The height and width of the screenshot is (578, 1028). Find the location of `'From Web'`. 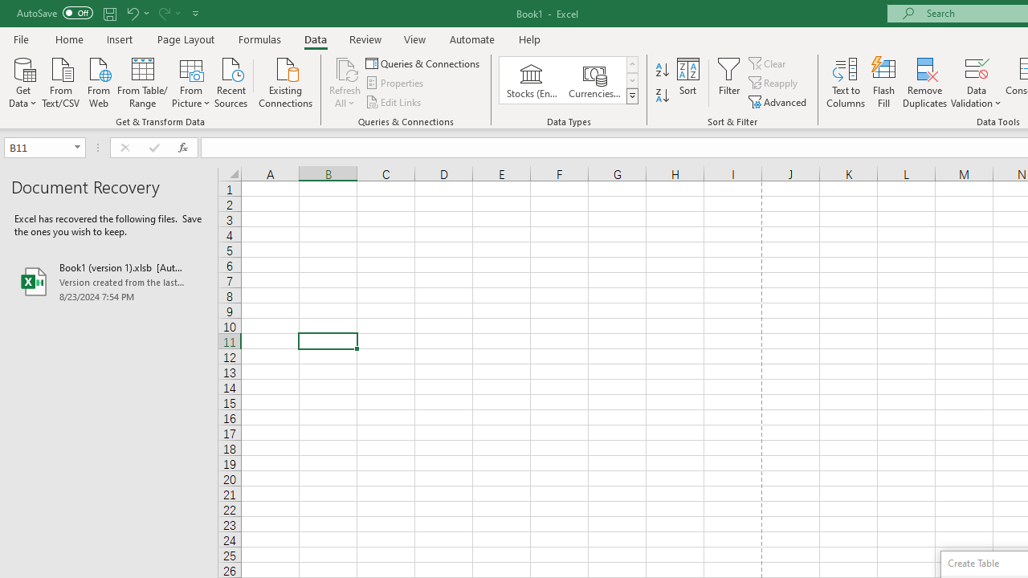

'From Web' is located at coordinates (97, 81).